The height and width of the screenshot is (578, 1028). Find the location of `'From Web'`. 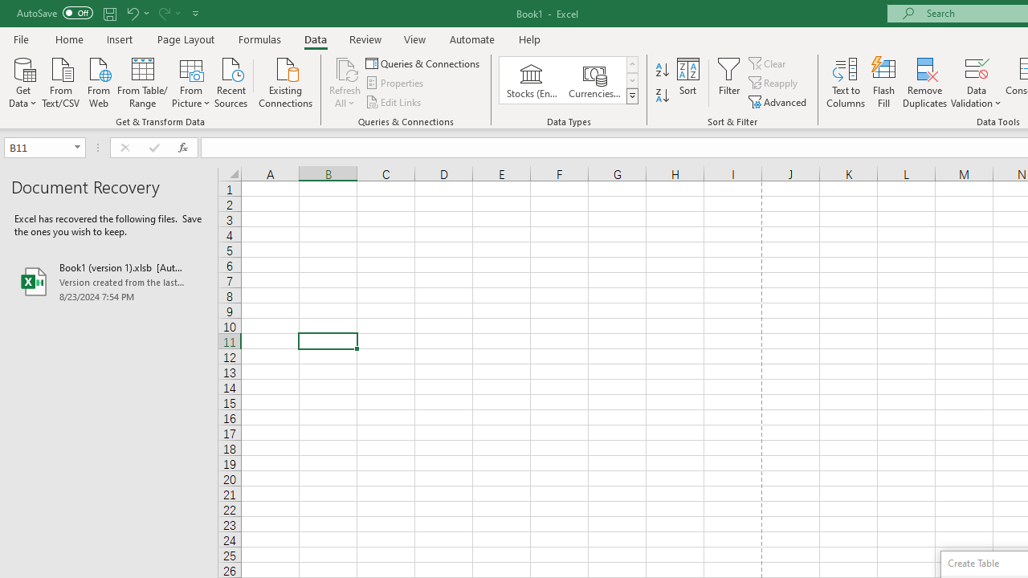

'From Web' is located at coordinates (97, 81).